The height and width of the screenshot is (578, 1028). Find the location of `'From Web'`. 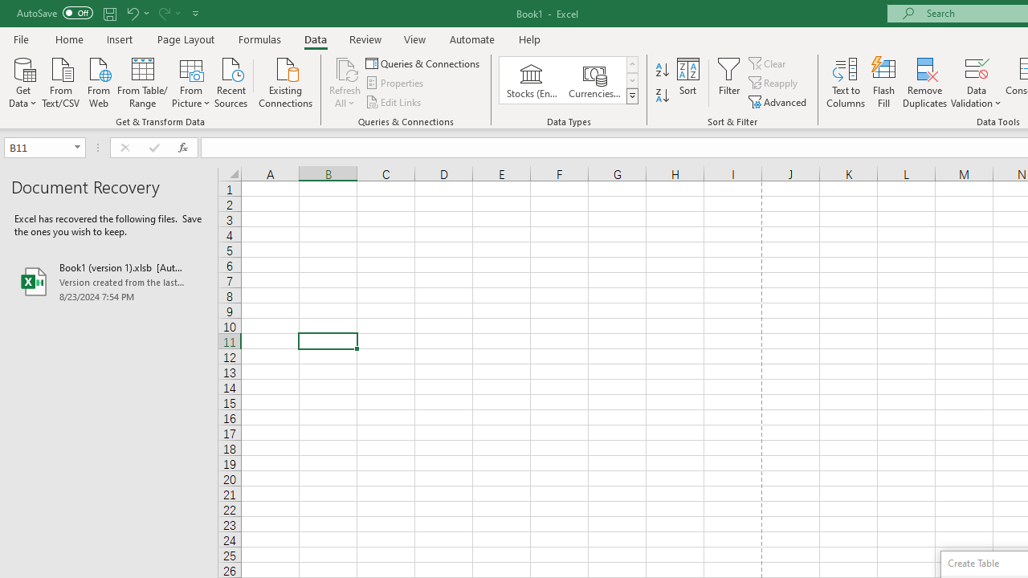

'From Web' is located at coordinates (97, 81).